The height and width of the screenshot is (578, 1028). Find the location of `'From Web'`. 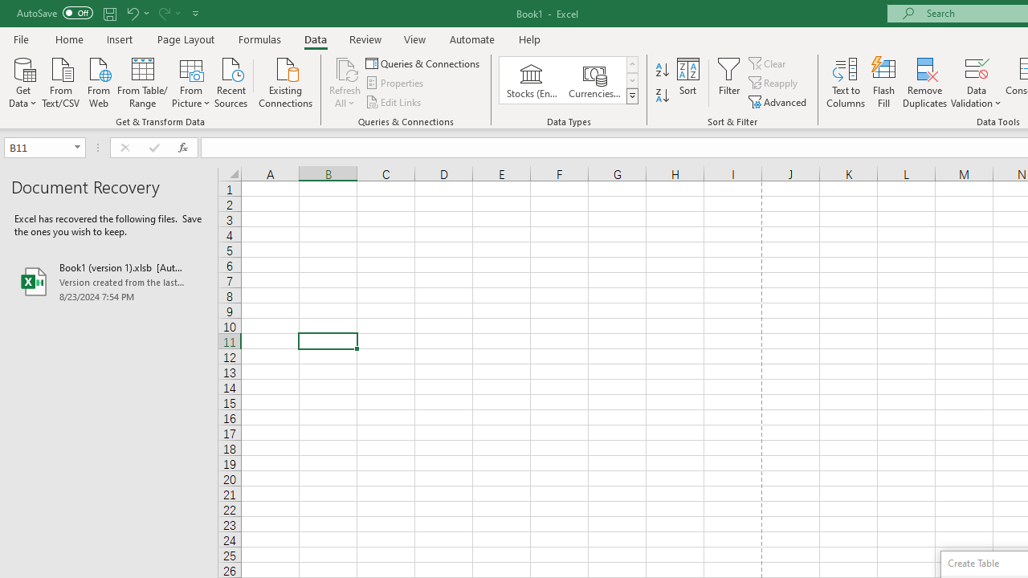

'From Web' is located at coordinates (97, 81).